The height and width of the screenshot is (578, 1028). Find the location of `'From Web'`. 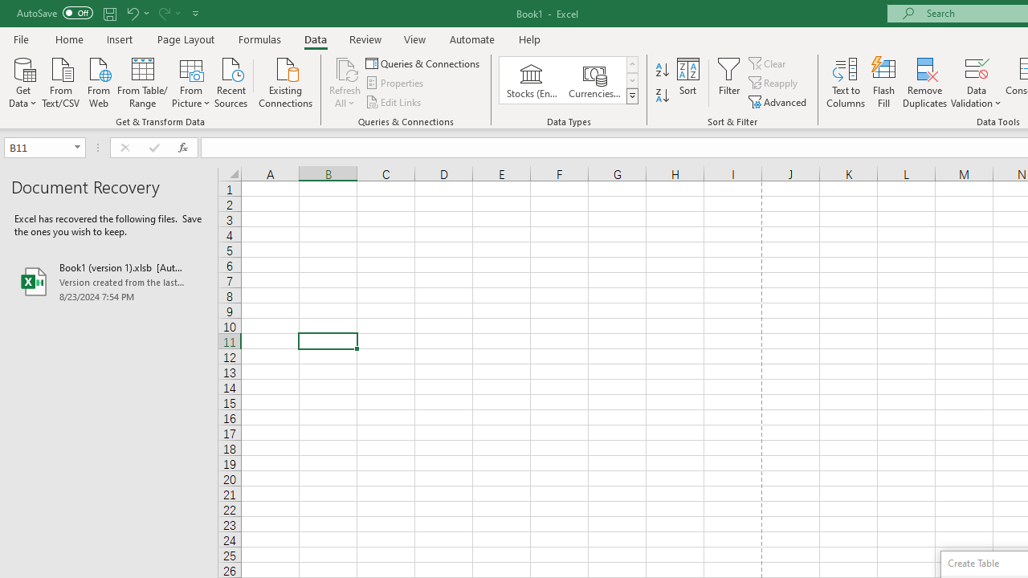

'From Web' is located at coordinates (97, 81).